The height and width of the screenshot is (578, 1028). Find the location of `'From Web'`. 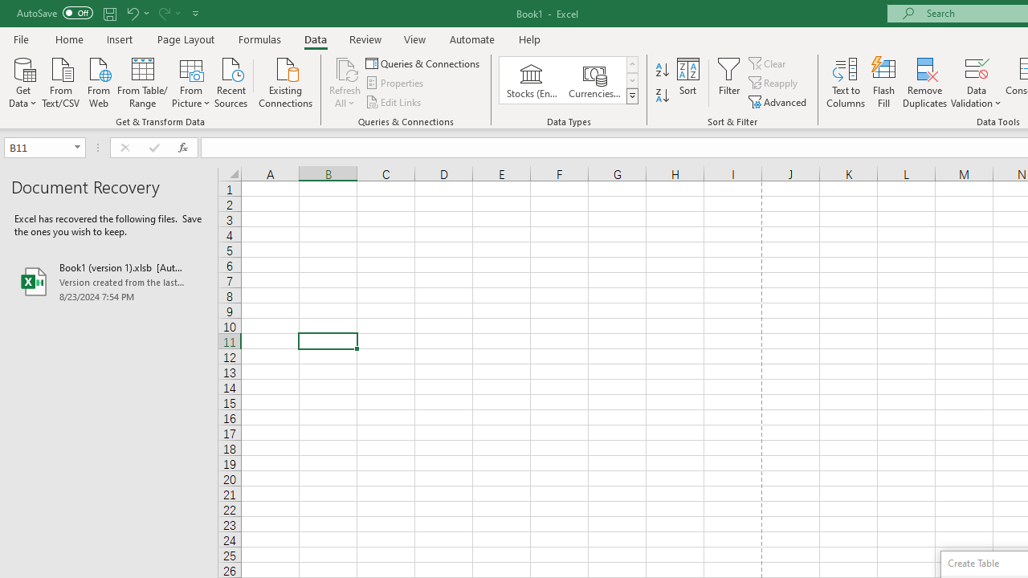

'From Web' is located at coordinates (97, 81).